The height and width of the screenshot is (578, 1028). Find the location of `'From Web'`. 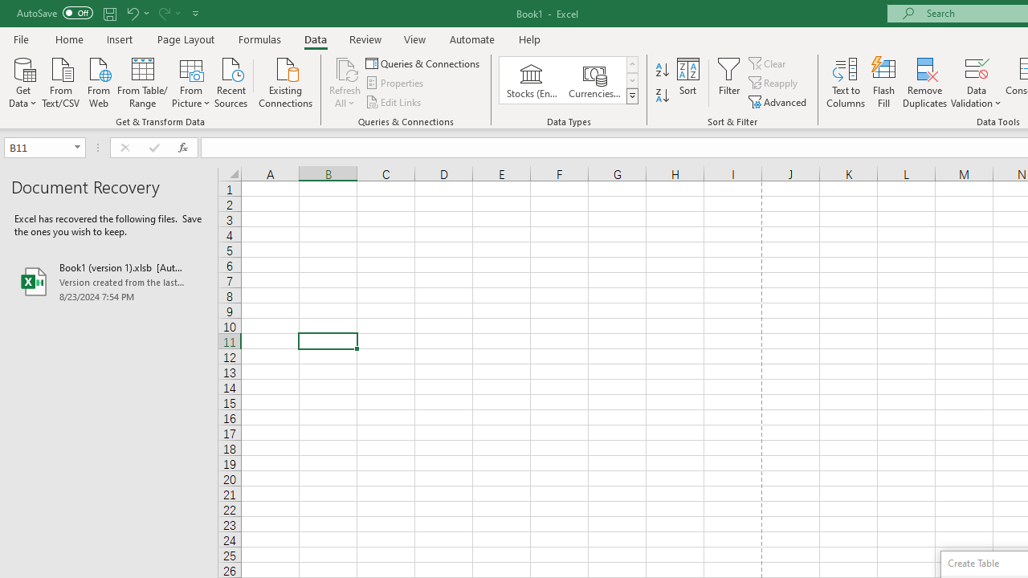

'From Web' is located at coordinates (97, 81).